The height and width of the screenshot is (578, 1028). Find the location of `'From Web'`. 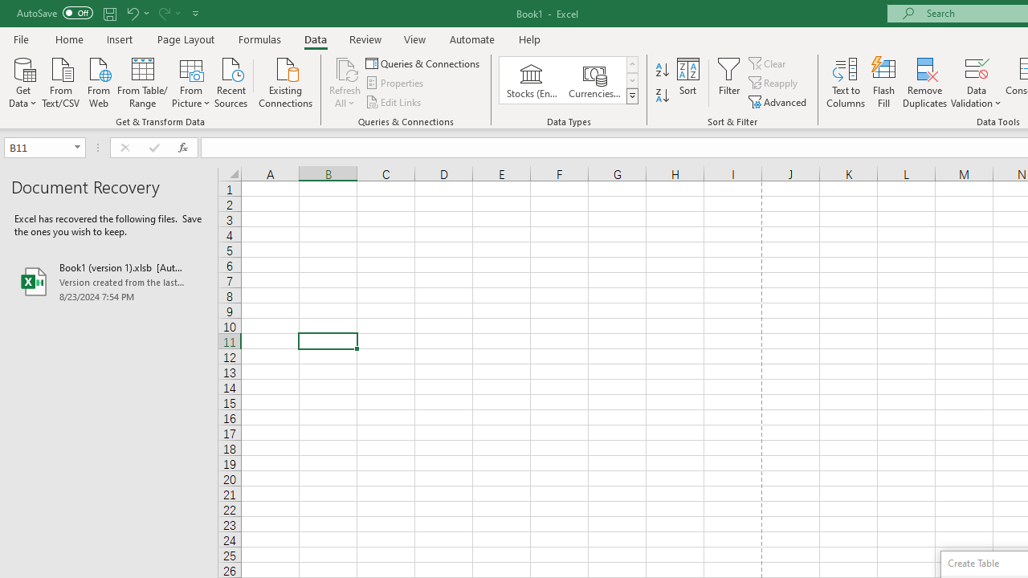

'From Web' is located at coordinates (97, 81).